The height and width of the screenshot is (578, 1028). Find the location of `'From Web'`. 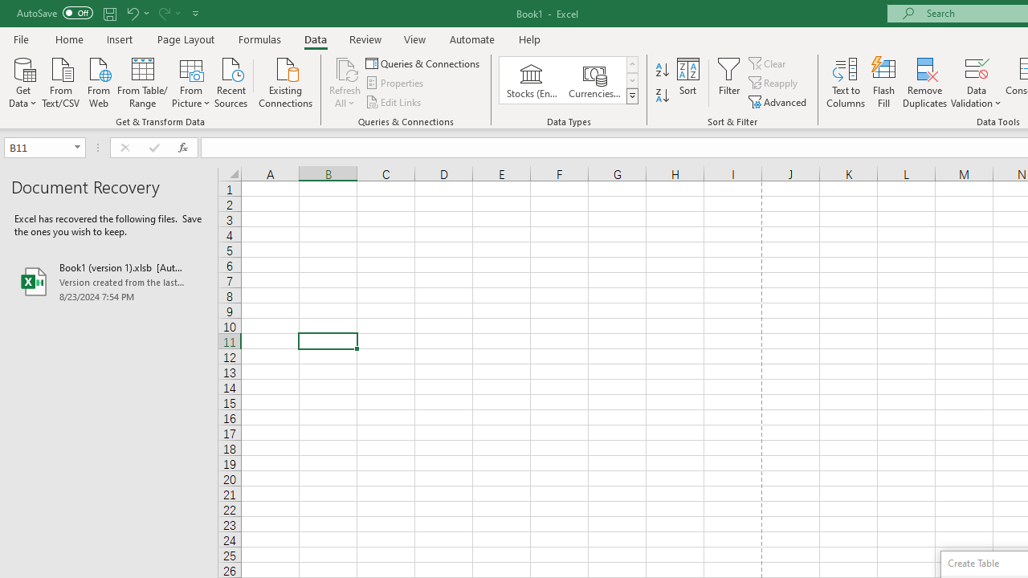

'From Web' is located at coordinates (97, 81).